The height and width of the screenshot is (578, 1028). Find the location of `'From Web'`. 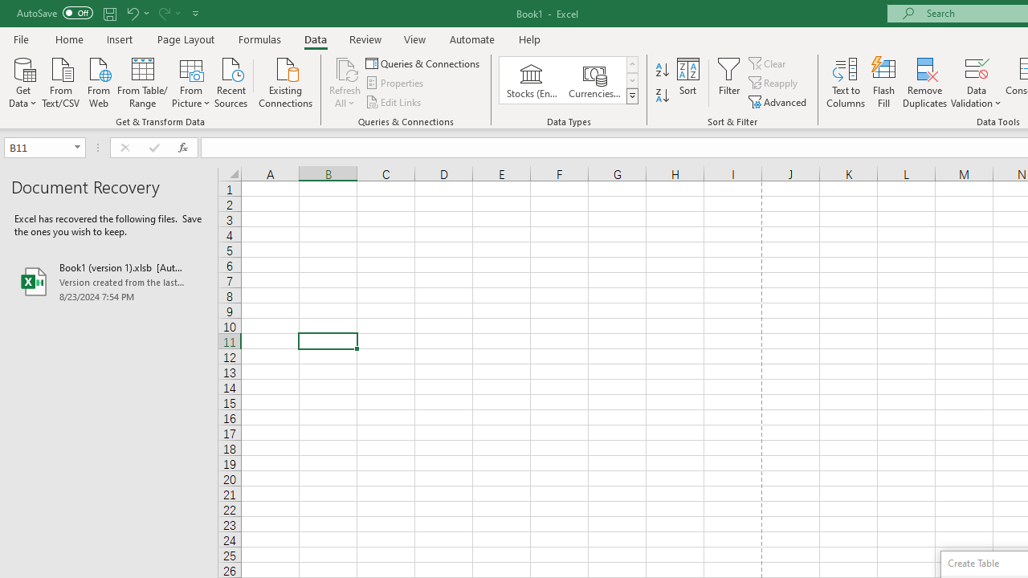

'From Web' is located at coordinates (97, 81).